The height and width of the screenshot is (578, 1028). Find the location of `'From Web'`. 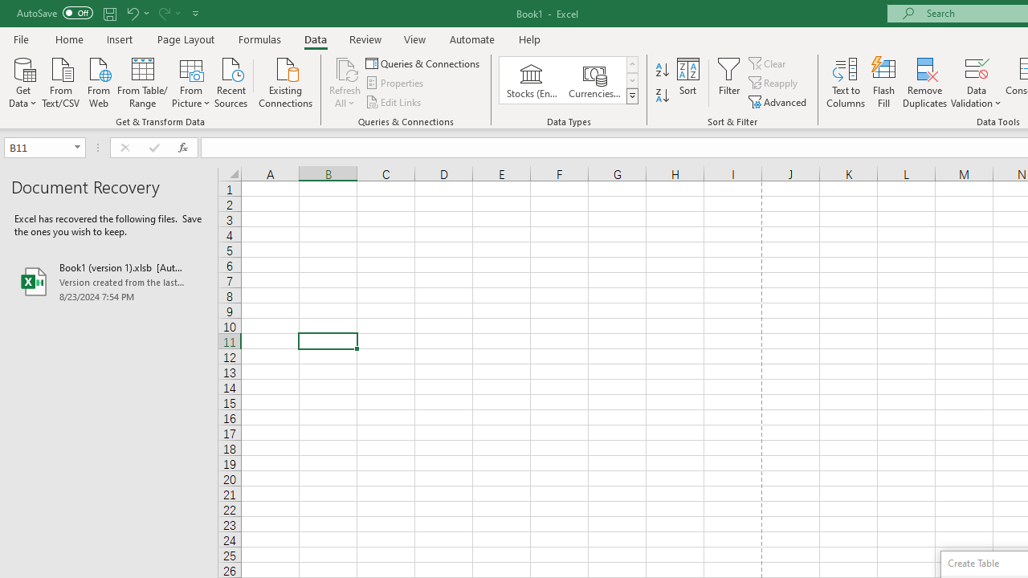

'From Web' is located at coordinates (97, 81).